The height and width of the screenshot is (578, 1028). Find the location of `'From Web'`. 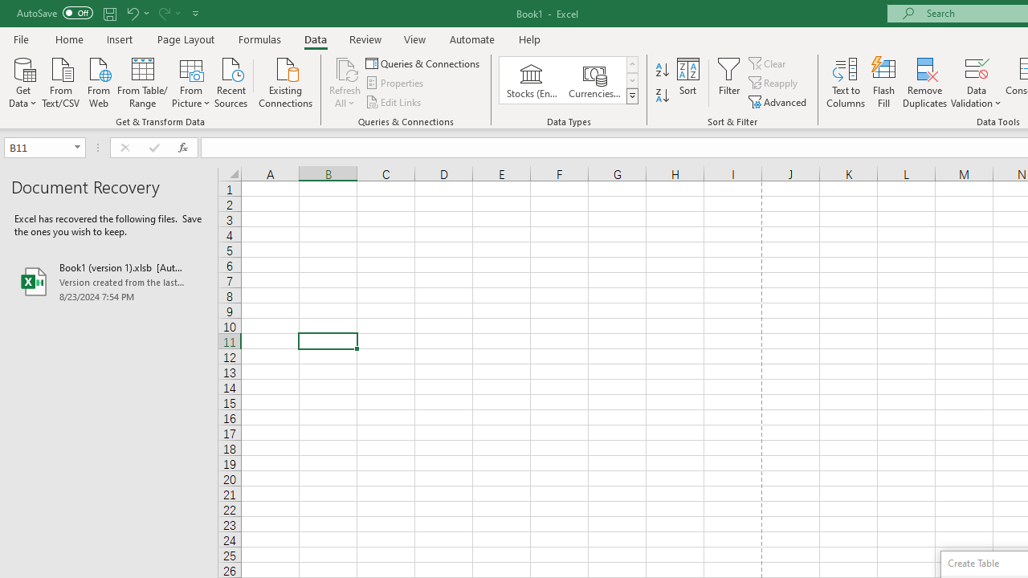

'From Web' is located at coordinates (97, 81).